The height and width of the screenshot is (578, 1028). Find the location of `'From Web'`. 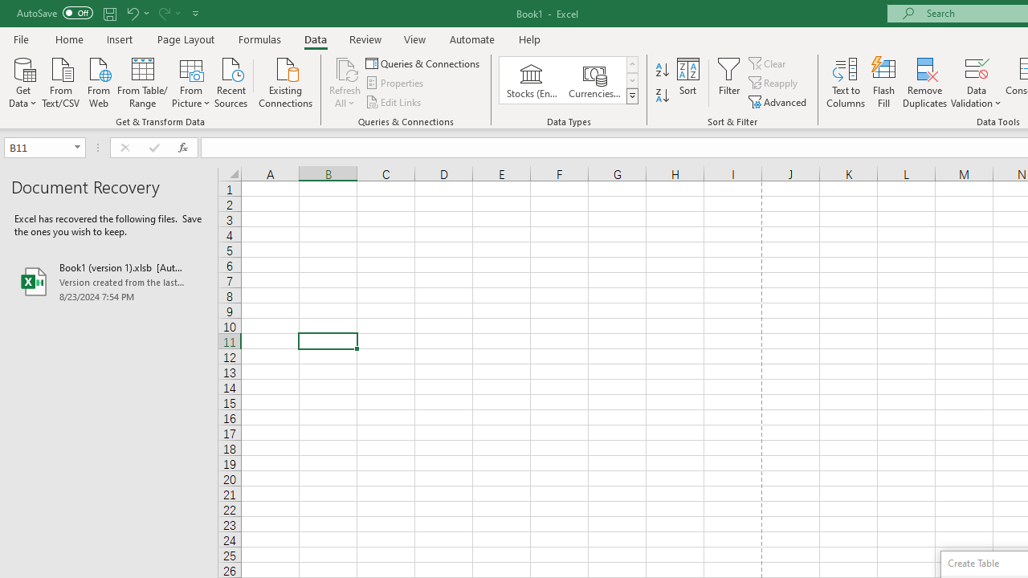

'From Web' is located at coordinates (97, 81).